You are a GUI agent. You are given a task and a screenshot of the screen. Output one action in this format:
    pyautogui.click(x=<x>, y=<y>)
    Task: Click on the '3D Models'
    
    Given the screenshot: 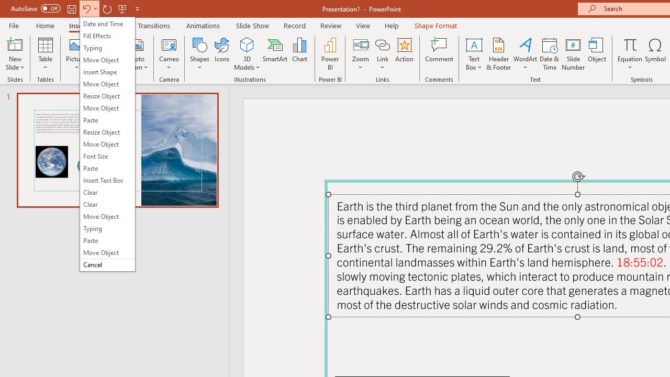 What is the action you would take?
    pyautogui.click(x=247, y=54)
    